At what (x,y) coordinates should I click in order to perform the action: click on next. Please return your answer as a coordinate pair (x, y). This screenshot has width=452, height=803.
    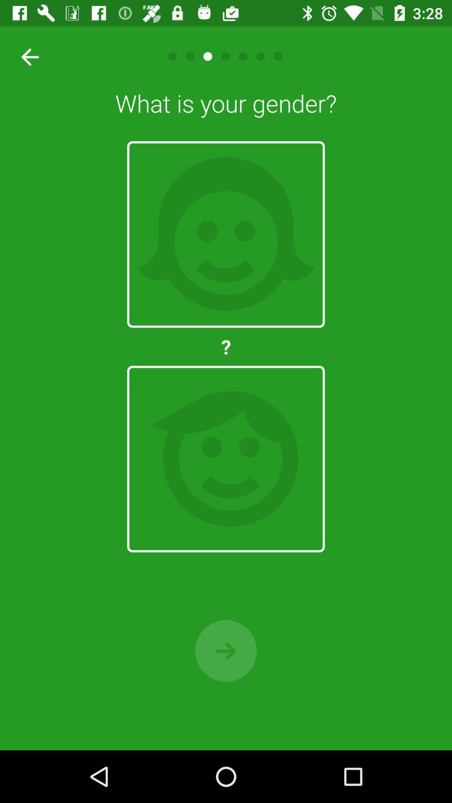
    Looking at the image, I should click on (226, 650).